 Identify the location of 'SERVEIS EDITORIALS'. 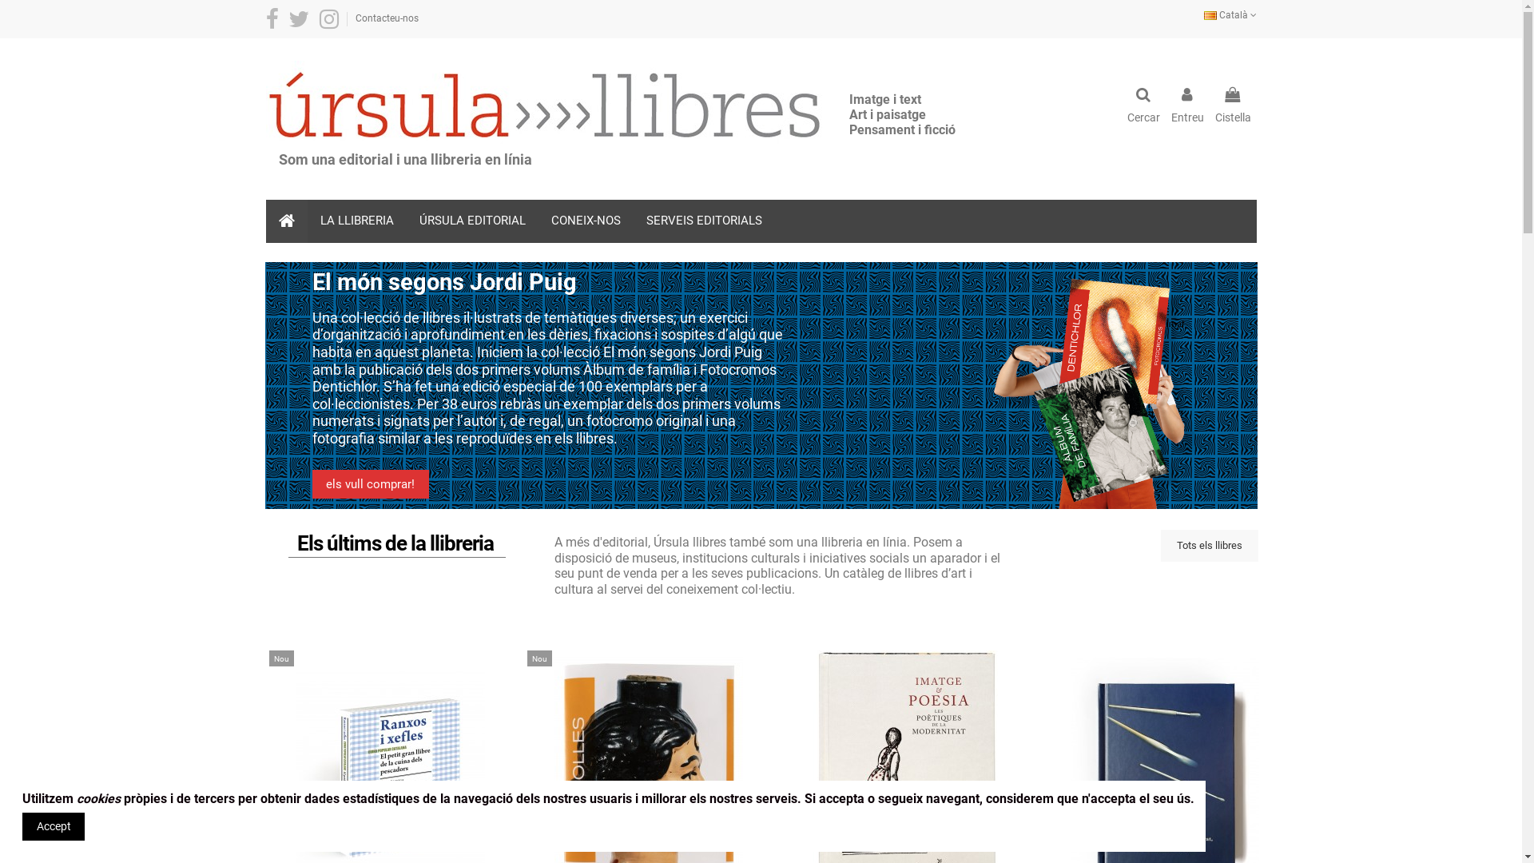
(703, 221).